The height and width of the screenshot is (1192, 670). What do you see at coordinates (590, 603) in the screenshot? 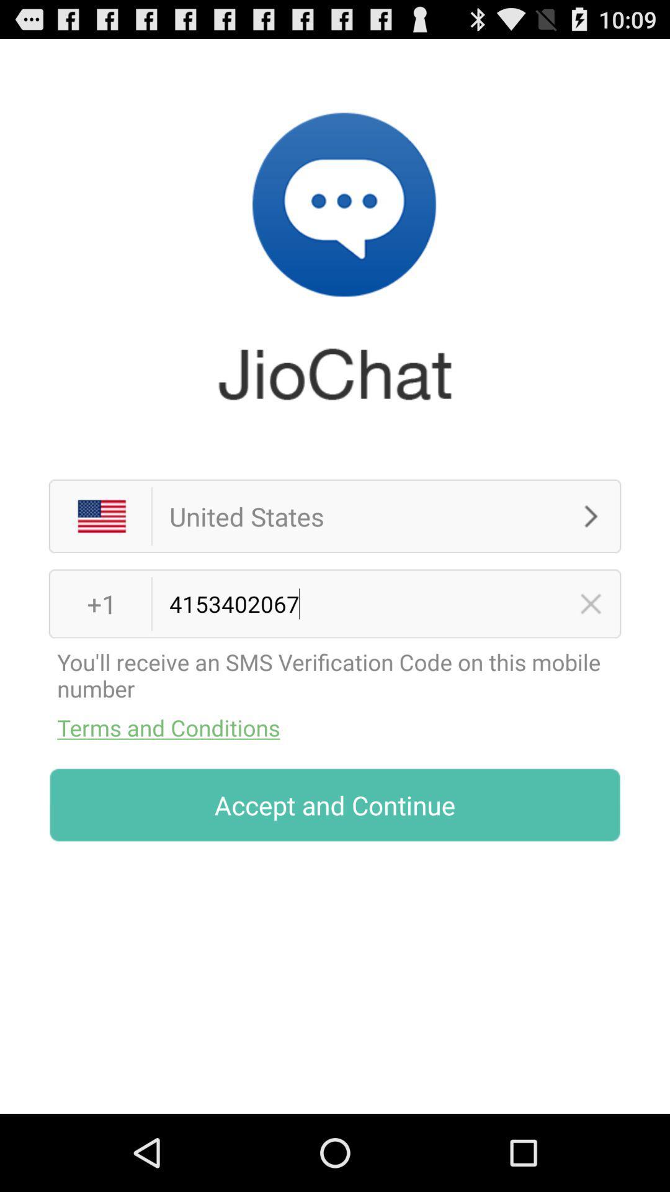
I see `cancel option` at bounding box center [590, 603].